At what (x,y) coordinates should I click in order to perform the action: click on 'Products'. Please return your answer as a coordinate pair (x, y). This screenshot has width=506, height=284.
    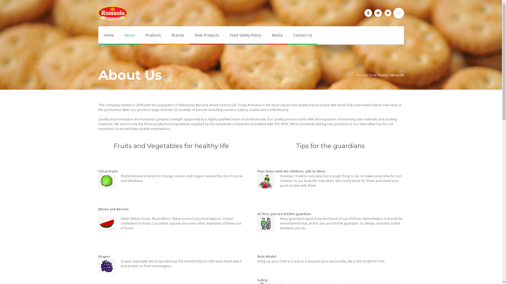
    Looking at the image, I should click on (153, 35).